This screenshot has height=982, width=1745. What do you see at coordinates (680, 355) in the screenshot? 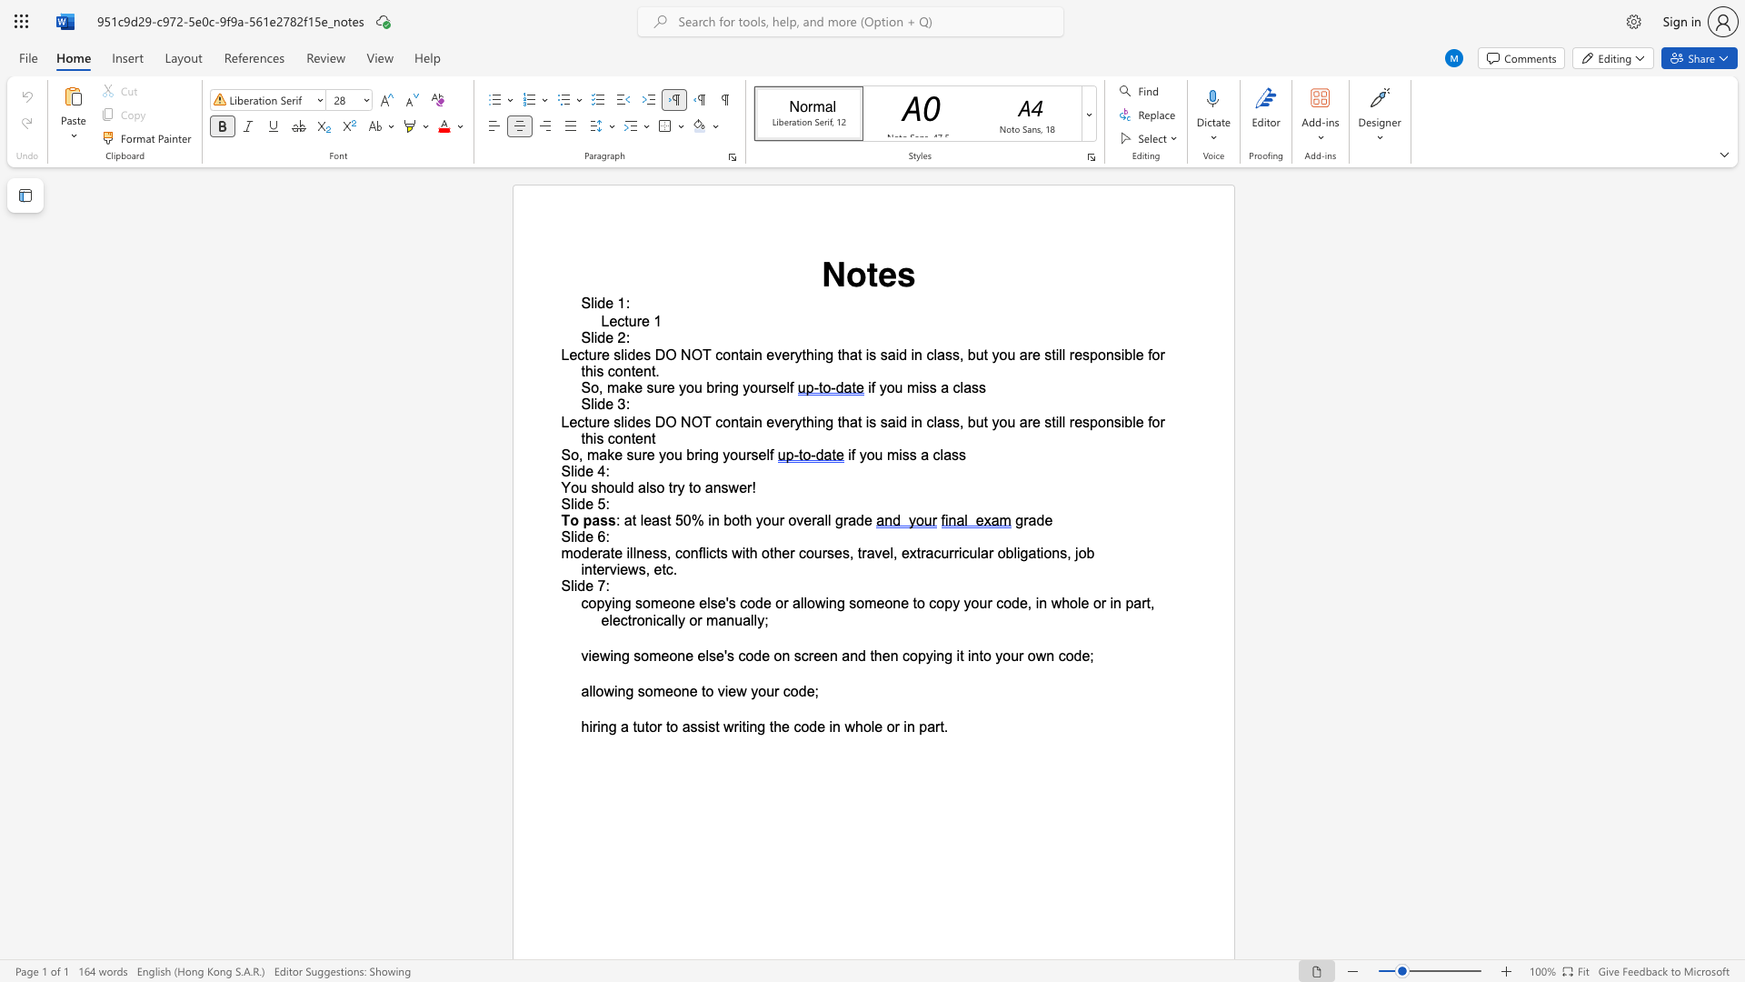
I see `the subset text "NO" within the text "Lecture slides DO NOT"` at bounding box center [680, 355].